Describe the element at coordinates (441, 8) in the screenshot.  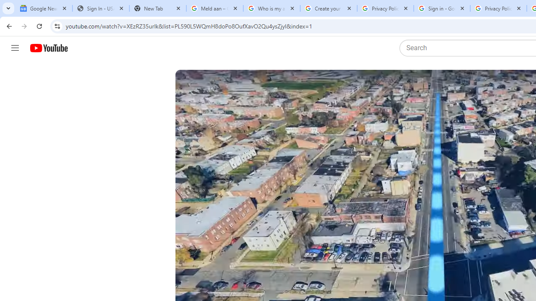
I see `'Sign in - Google Accounts'` at that location.